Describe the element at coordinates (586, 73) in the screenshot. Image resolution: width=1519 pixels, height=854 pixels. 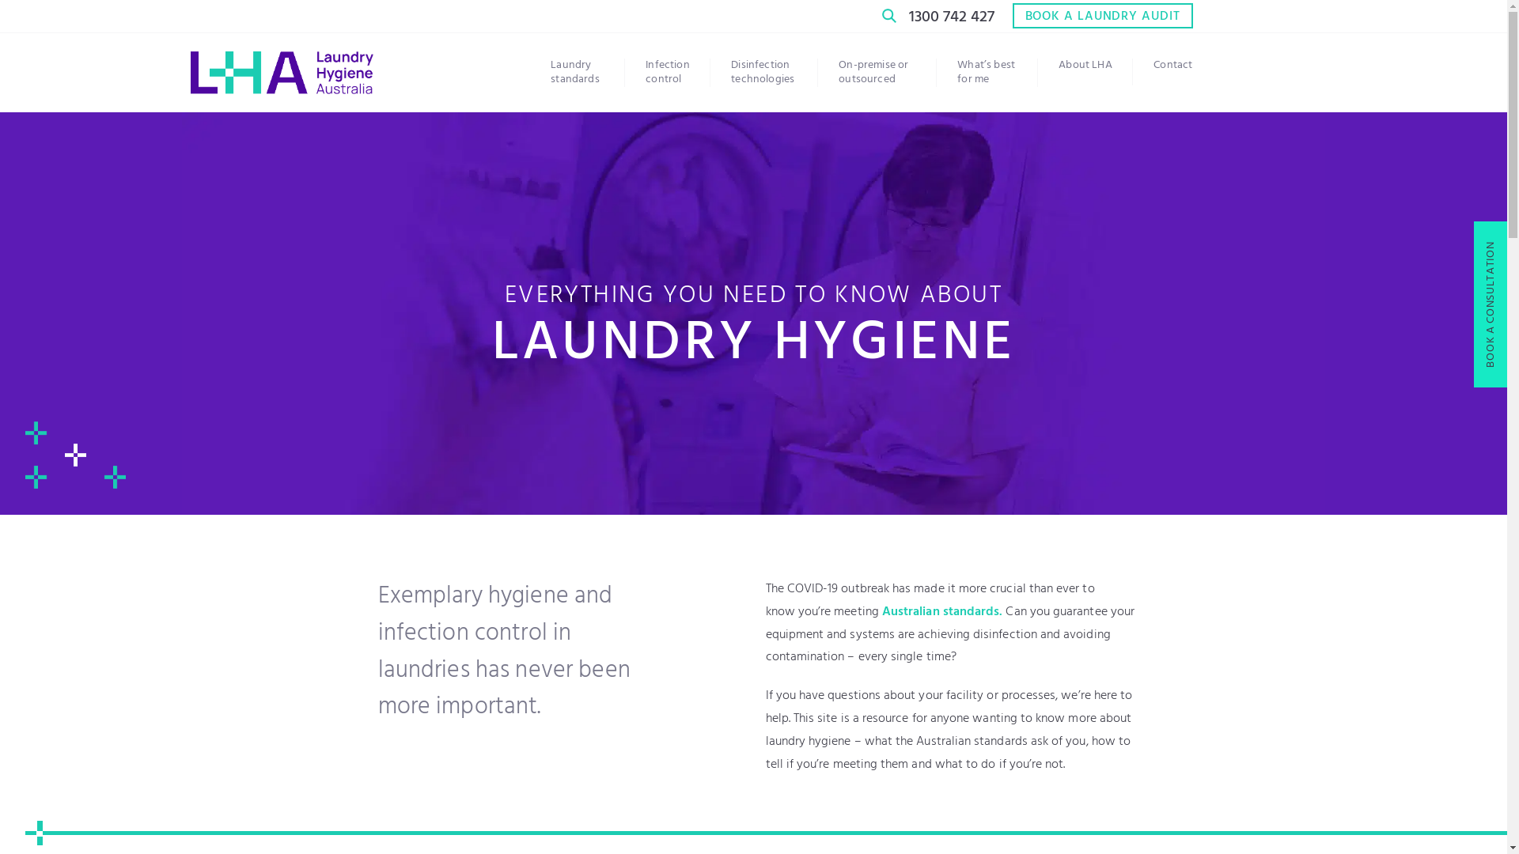
I see `'Laundry standards'` at that location.